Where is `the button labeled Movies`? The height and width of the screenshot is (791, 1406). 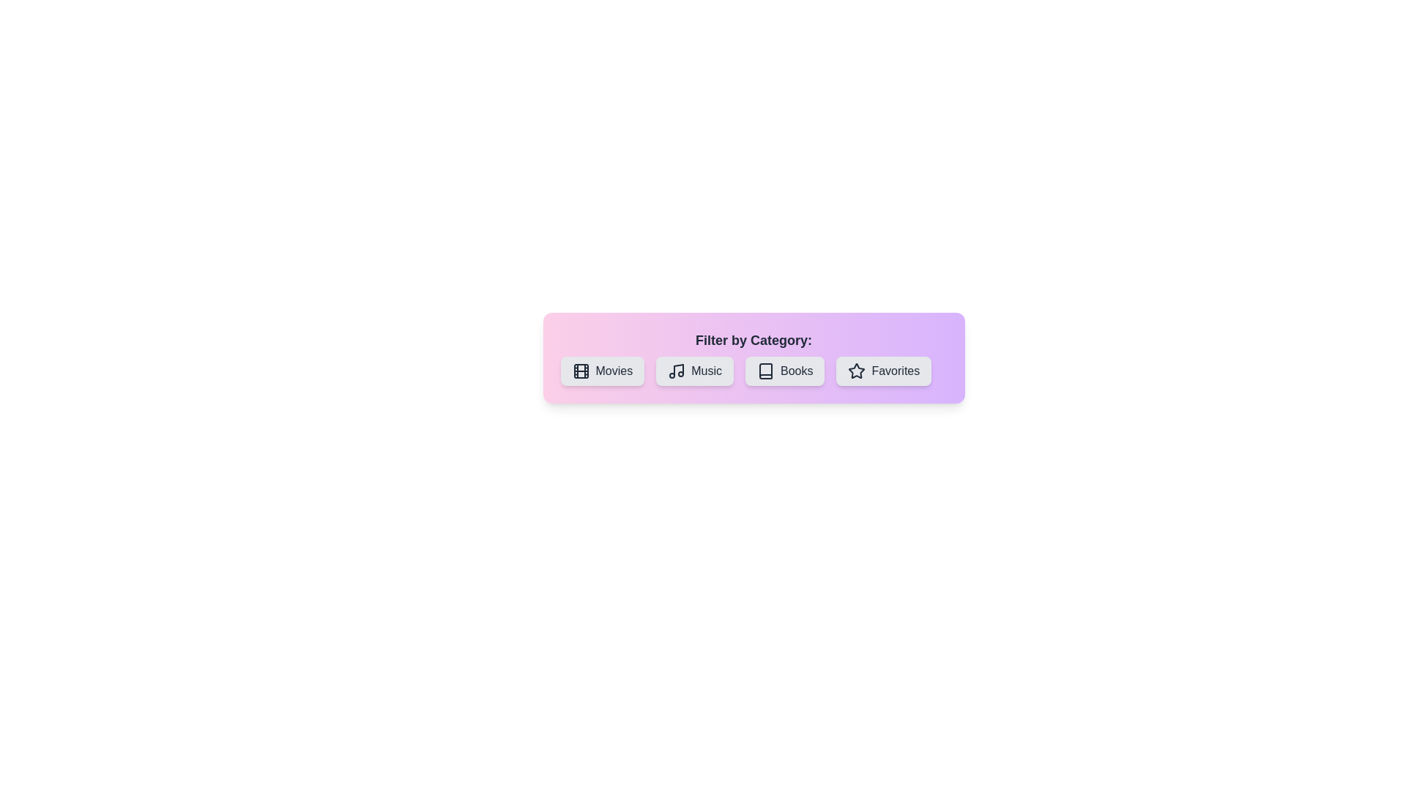 the button labeled Movies is located at coordinates (601, 370).